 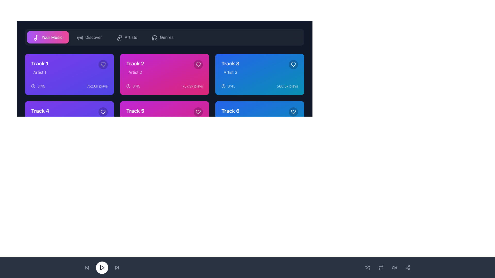 I want to click on the text label that serves as the title of the track, located above the 'Artist 5' text in the card positioned in the second row and first column of the grid layout, so click(x=135, y=111).